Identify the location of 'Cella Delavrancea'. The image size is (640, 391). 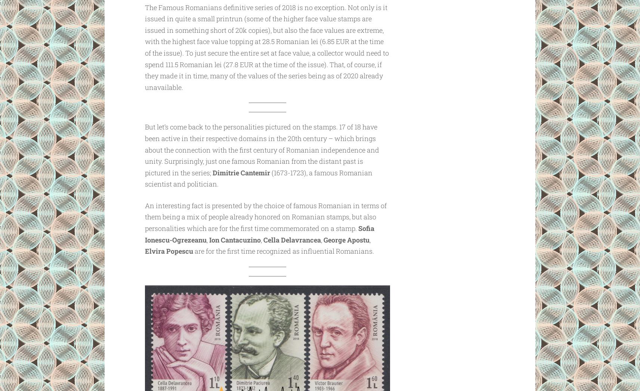
(291, 239).